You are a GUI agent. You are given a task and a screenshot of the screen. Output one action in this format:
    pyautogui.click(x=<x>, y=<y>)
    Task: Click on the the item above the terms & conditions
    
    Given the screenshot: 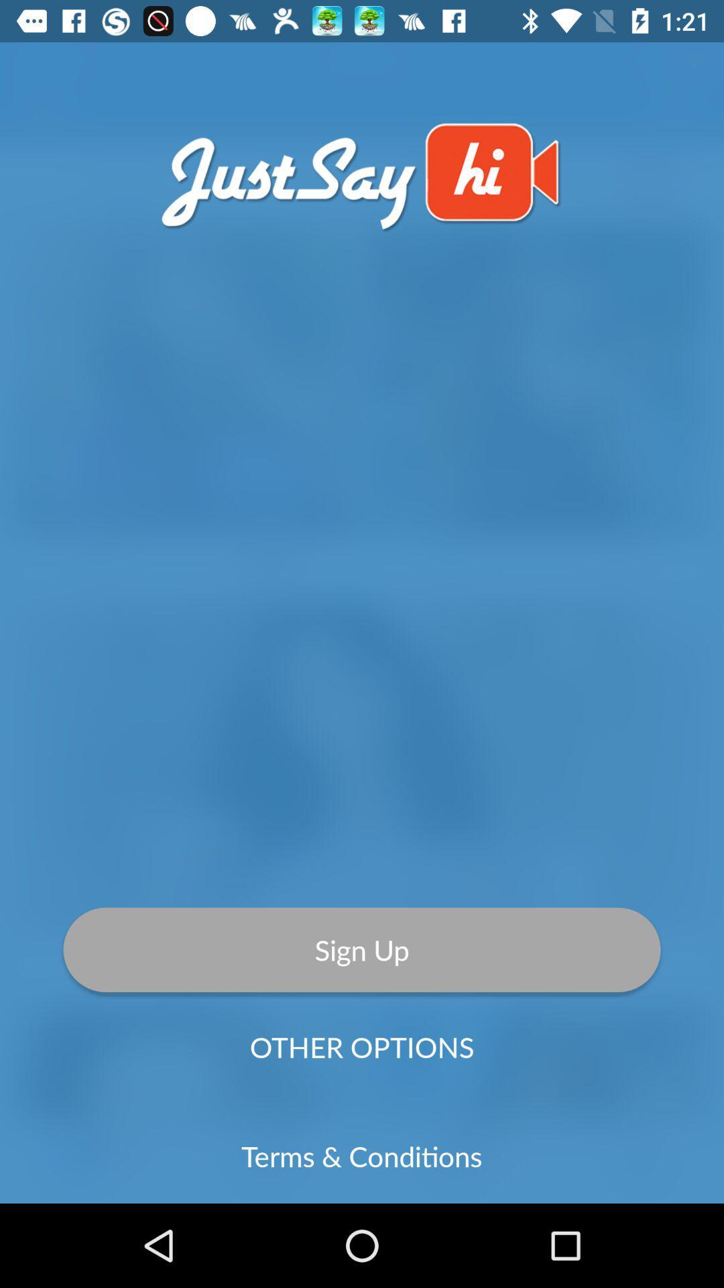 What is the action you would take?
    pyautogui.click(x=362, y=1046)
    